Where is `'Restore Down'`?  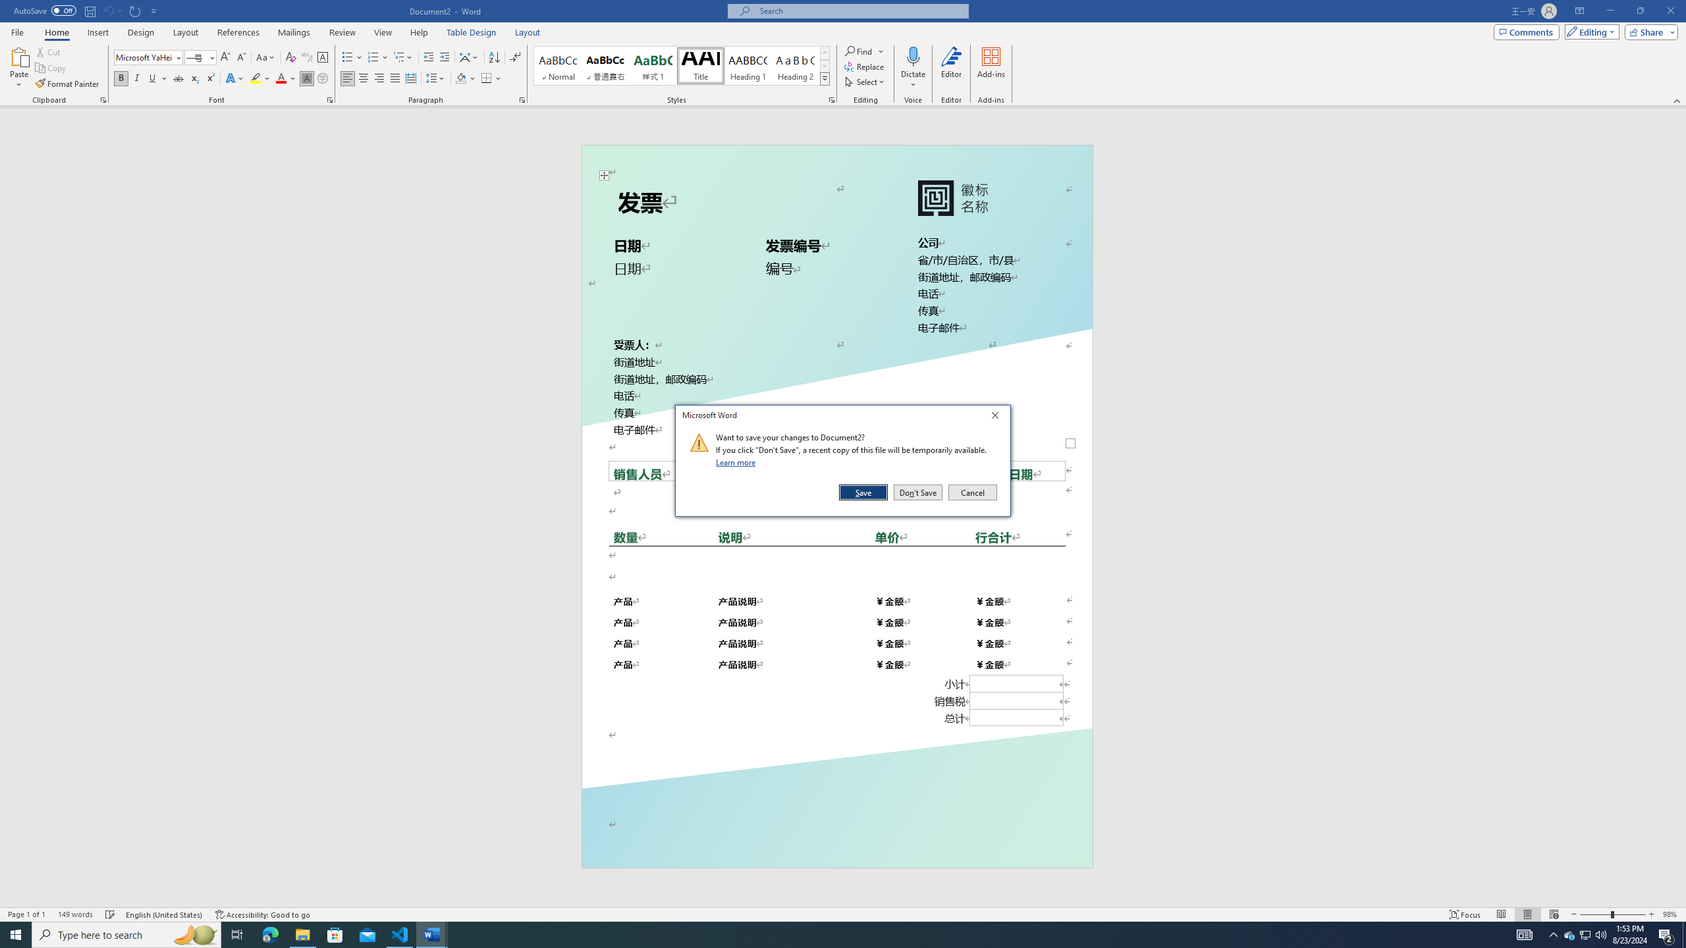
'Restore Down' is located at coordinates (1640, 11).